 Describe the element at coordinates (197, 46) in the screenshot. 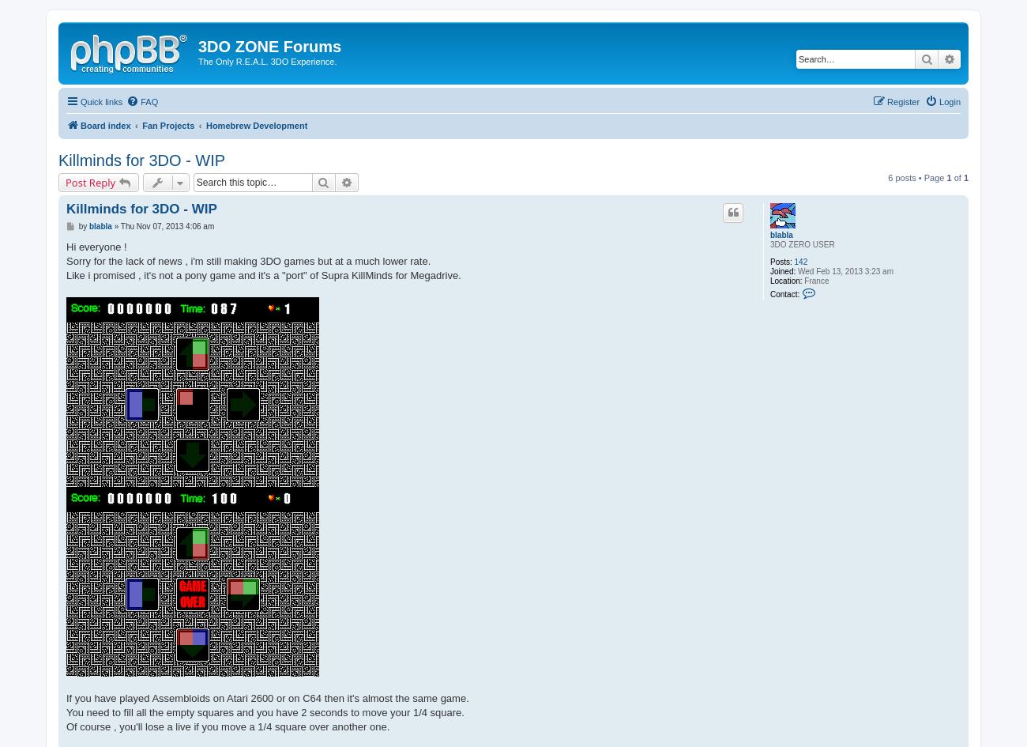

I see `'3DO ZONE Forums'` at that location.